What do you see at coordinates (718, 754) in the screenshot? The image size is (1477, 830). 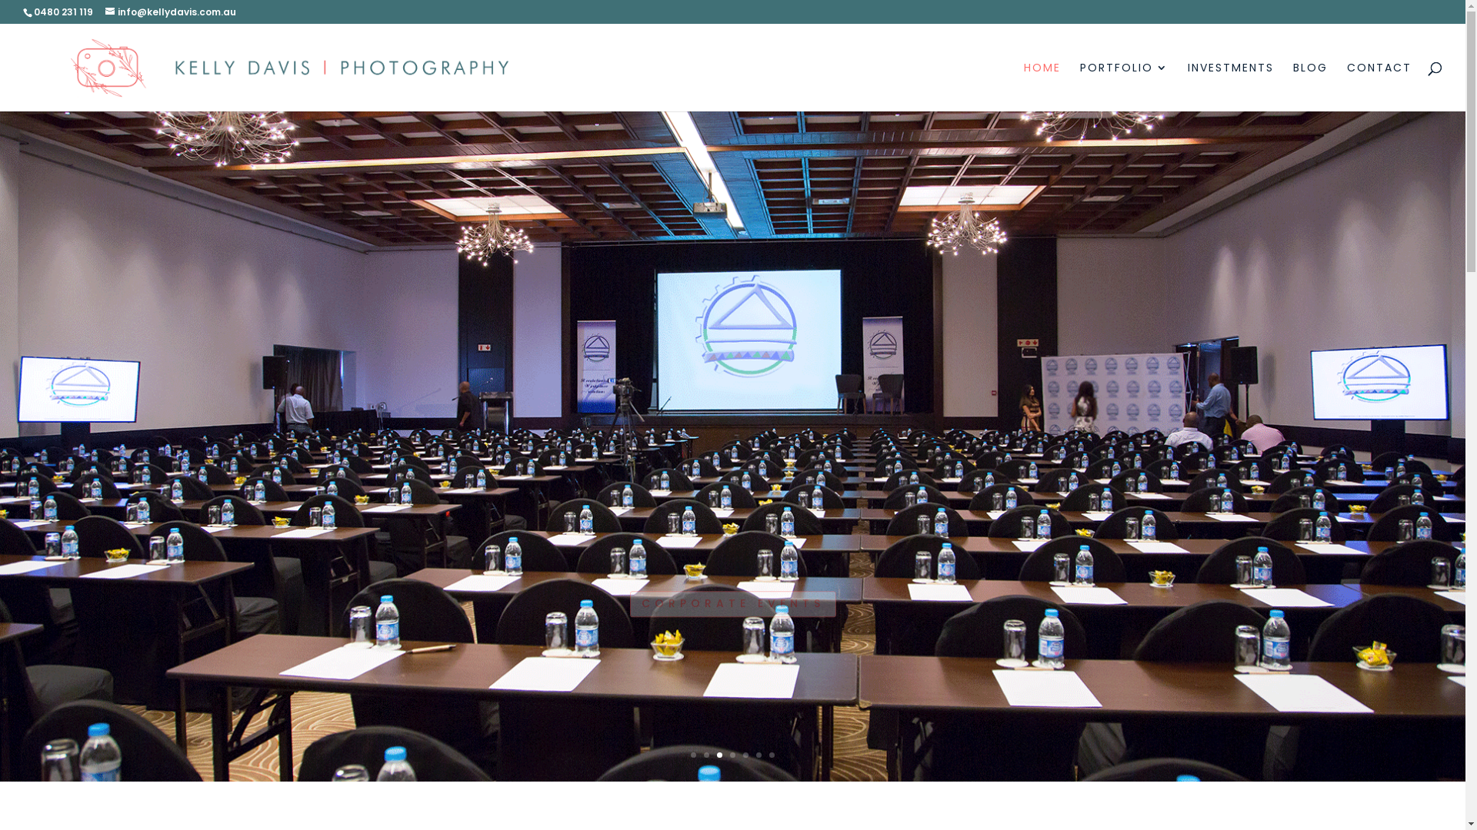 I see `'3'` at bounding box center [718, 754].